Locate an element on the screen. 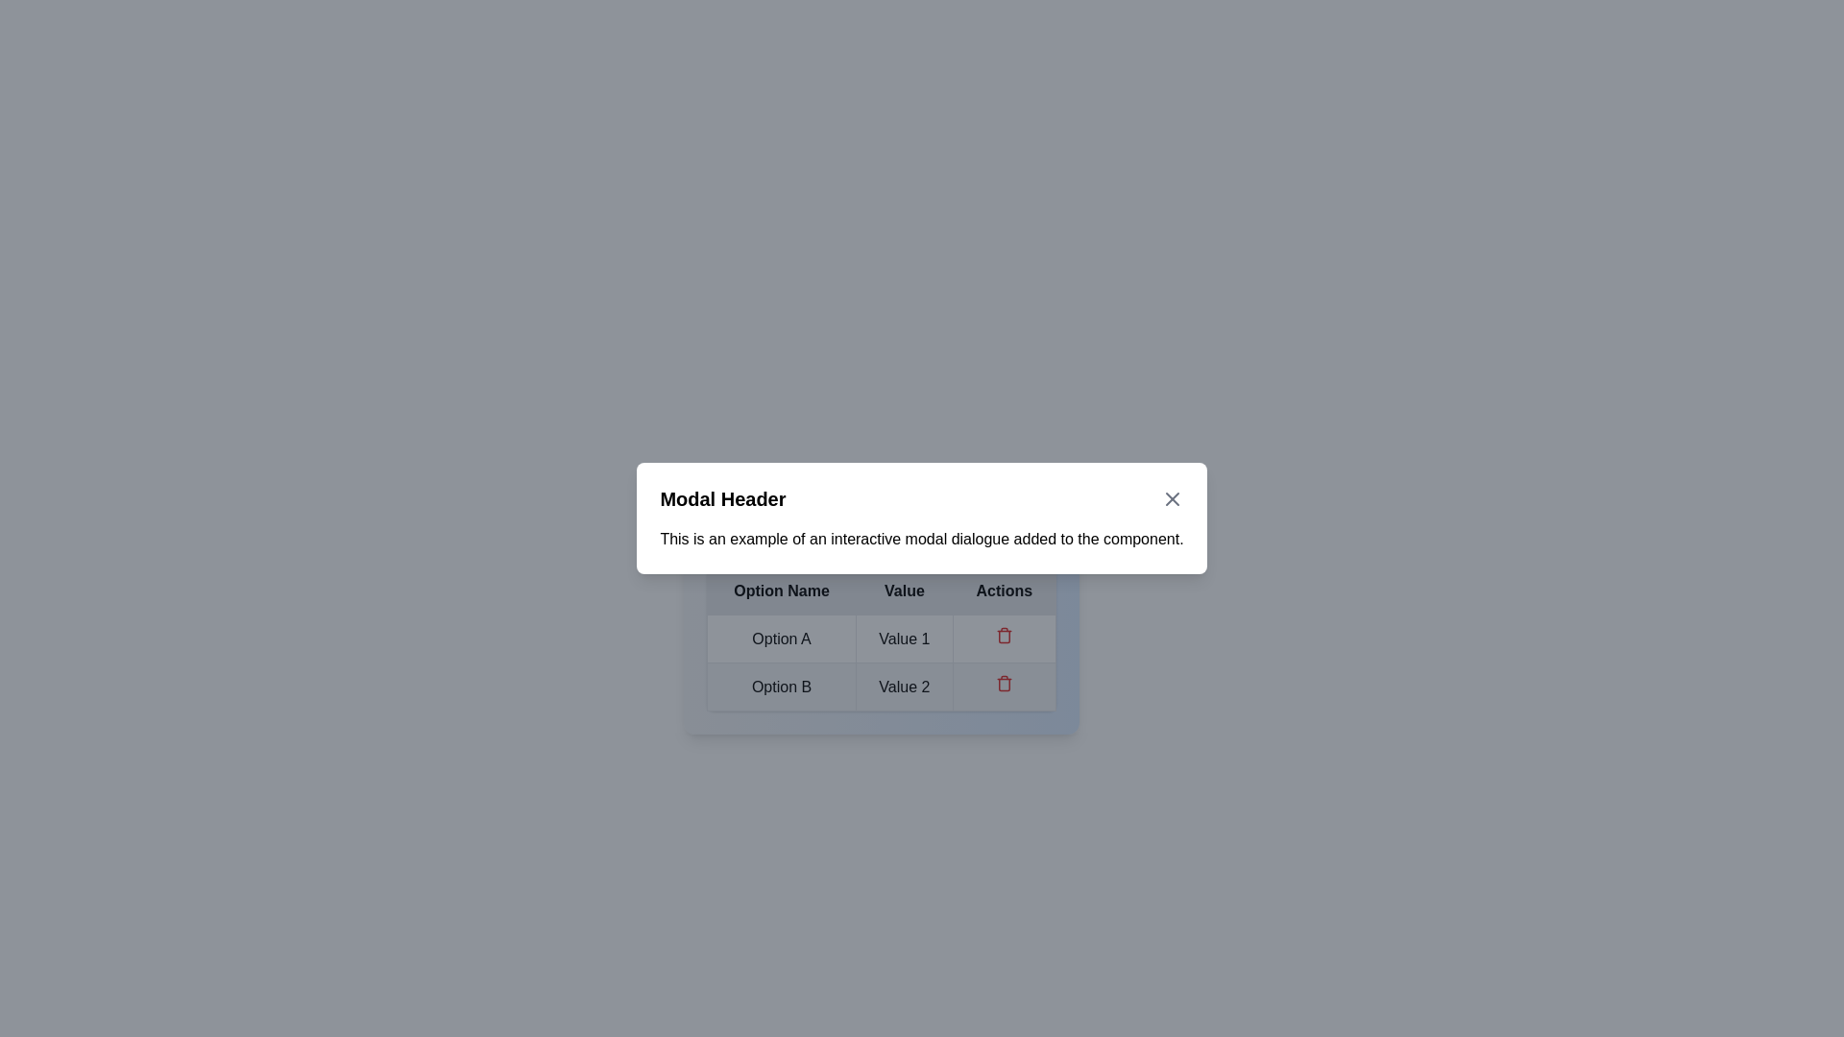 The width and height of the screenshot is (1844, 1037). the icon button represented by an 'X' in the top-right corner of the modal header to observe the color change is located at coordinates (1171, 498).